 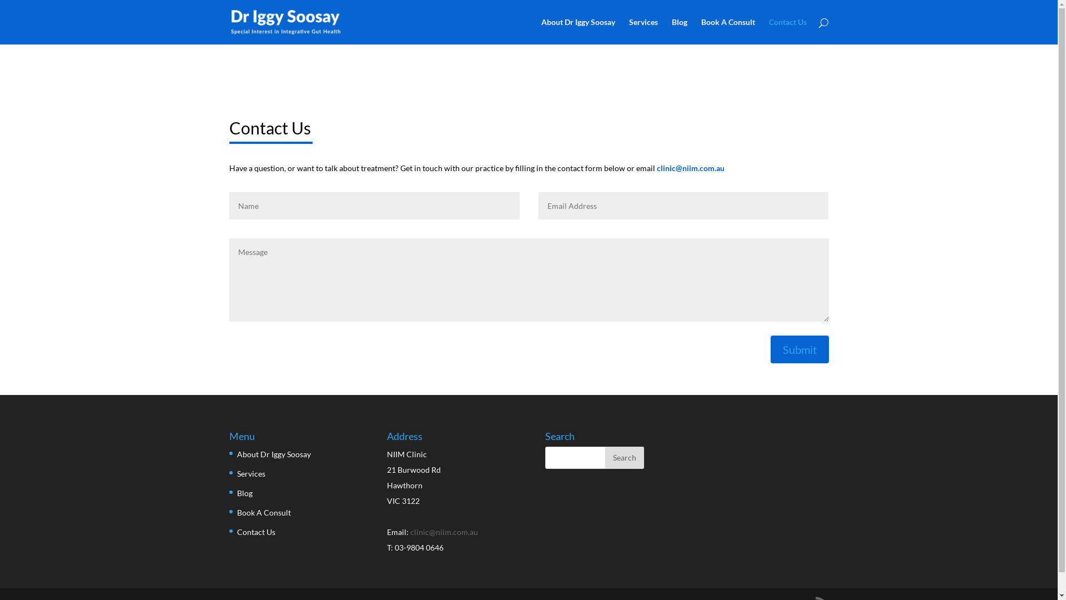 What do you see at coordinates (799, 348) in the screenshot?
I see `'Submit'` at bounding box center [799, 348].